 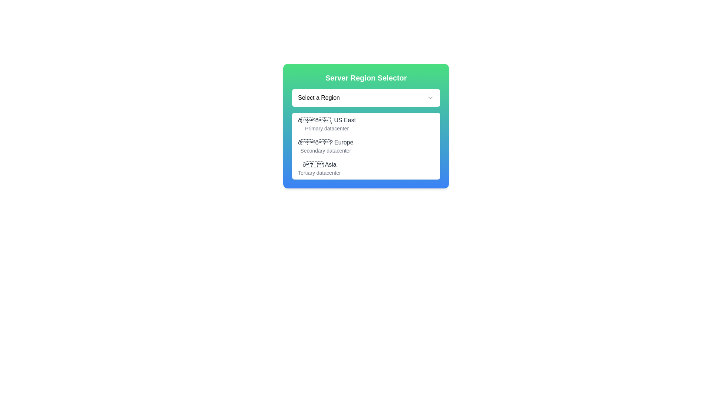 I want to click on the textual description element indicating that 'US East' is the primary data center, which is positioned beneath the text '🇺🇸 US East' in the dropdown menu, so click(x=326, y=128).